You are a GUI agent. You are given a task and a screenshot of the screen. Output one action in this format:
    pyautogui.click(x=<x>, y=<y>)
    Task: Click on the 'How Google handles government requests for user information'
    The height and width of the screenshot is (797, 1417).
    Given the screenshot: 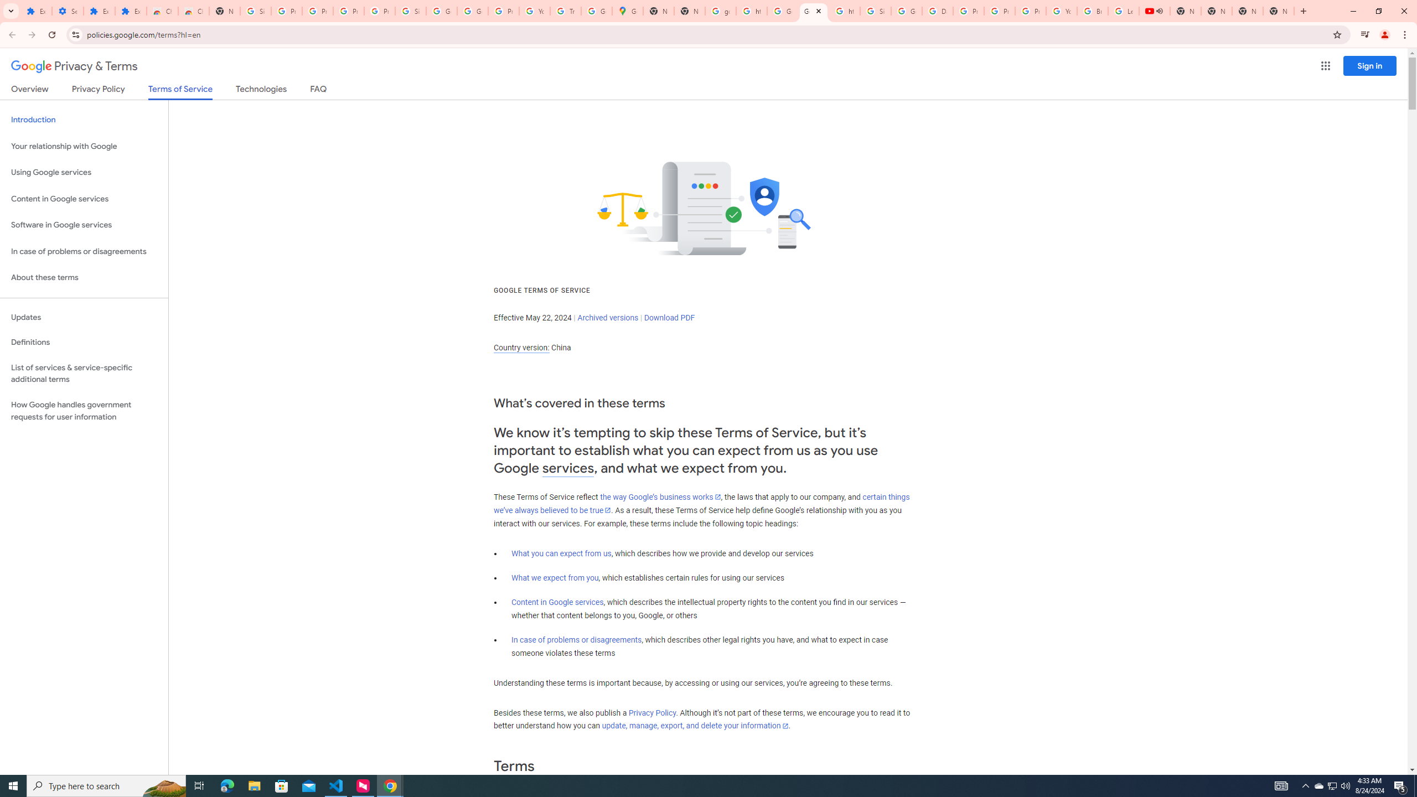 What is the action you would take?
    pyautogui.click(x=84, y=411)
    